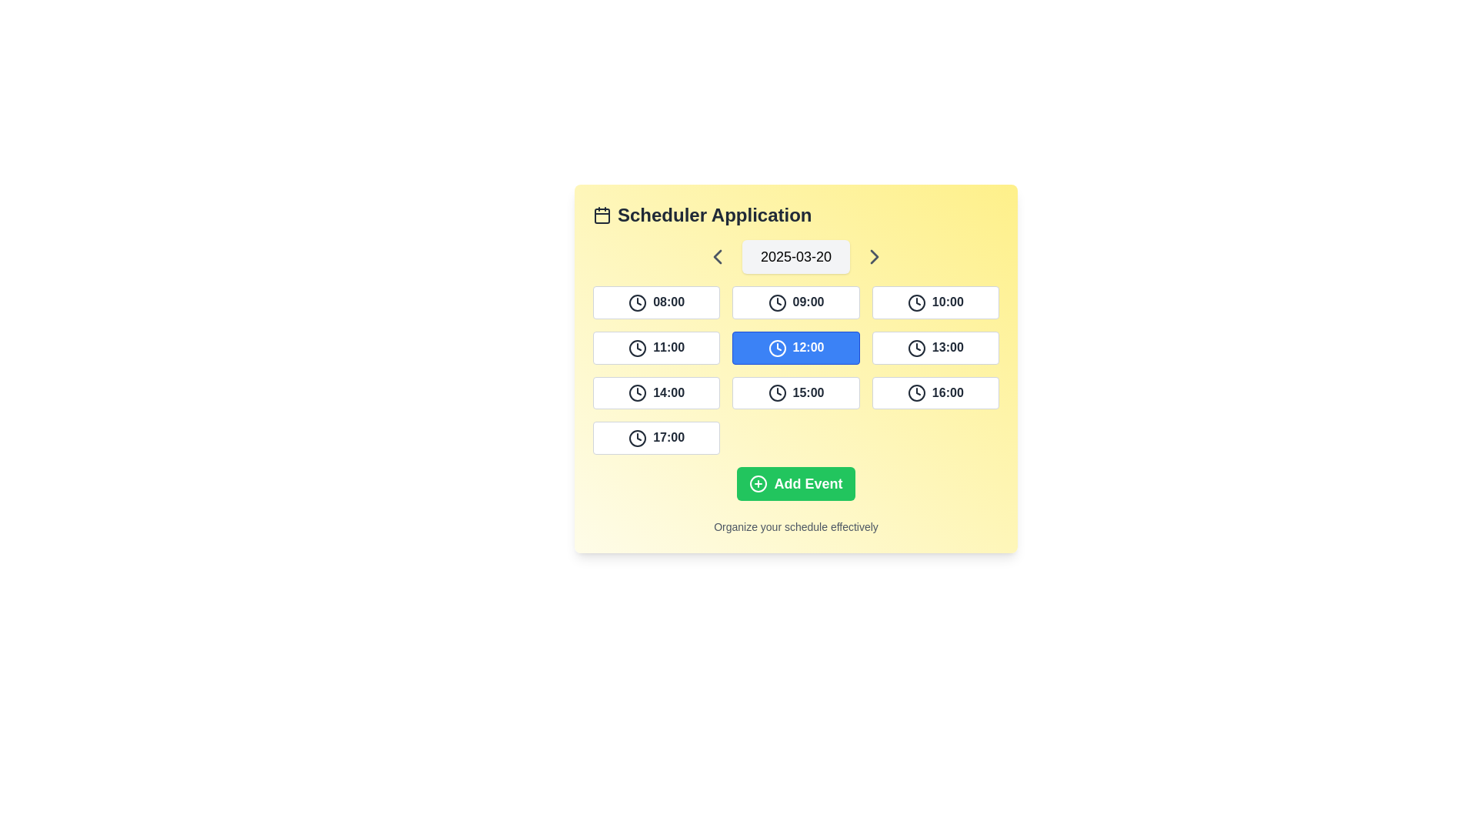 This screenshot has width=1477, height=831. I want to click on the clock icon representing the 17:00 time slot in the scheduler application, which is a circular outline with clock hands, so click(638, 439).